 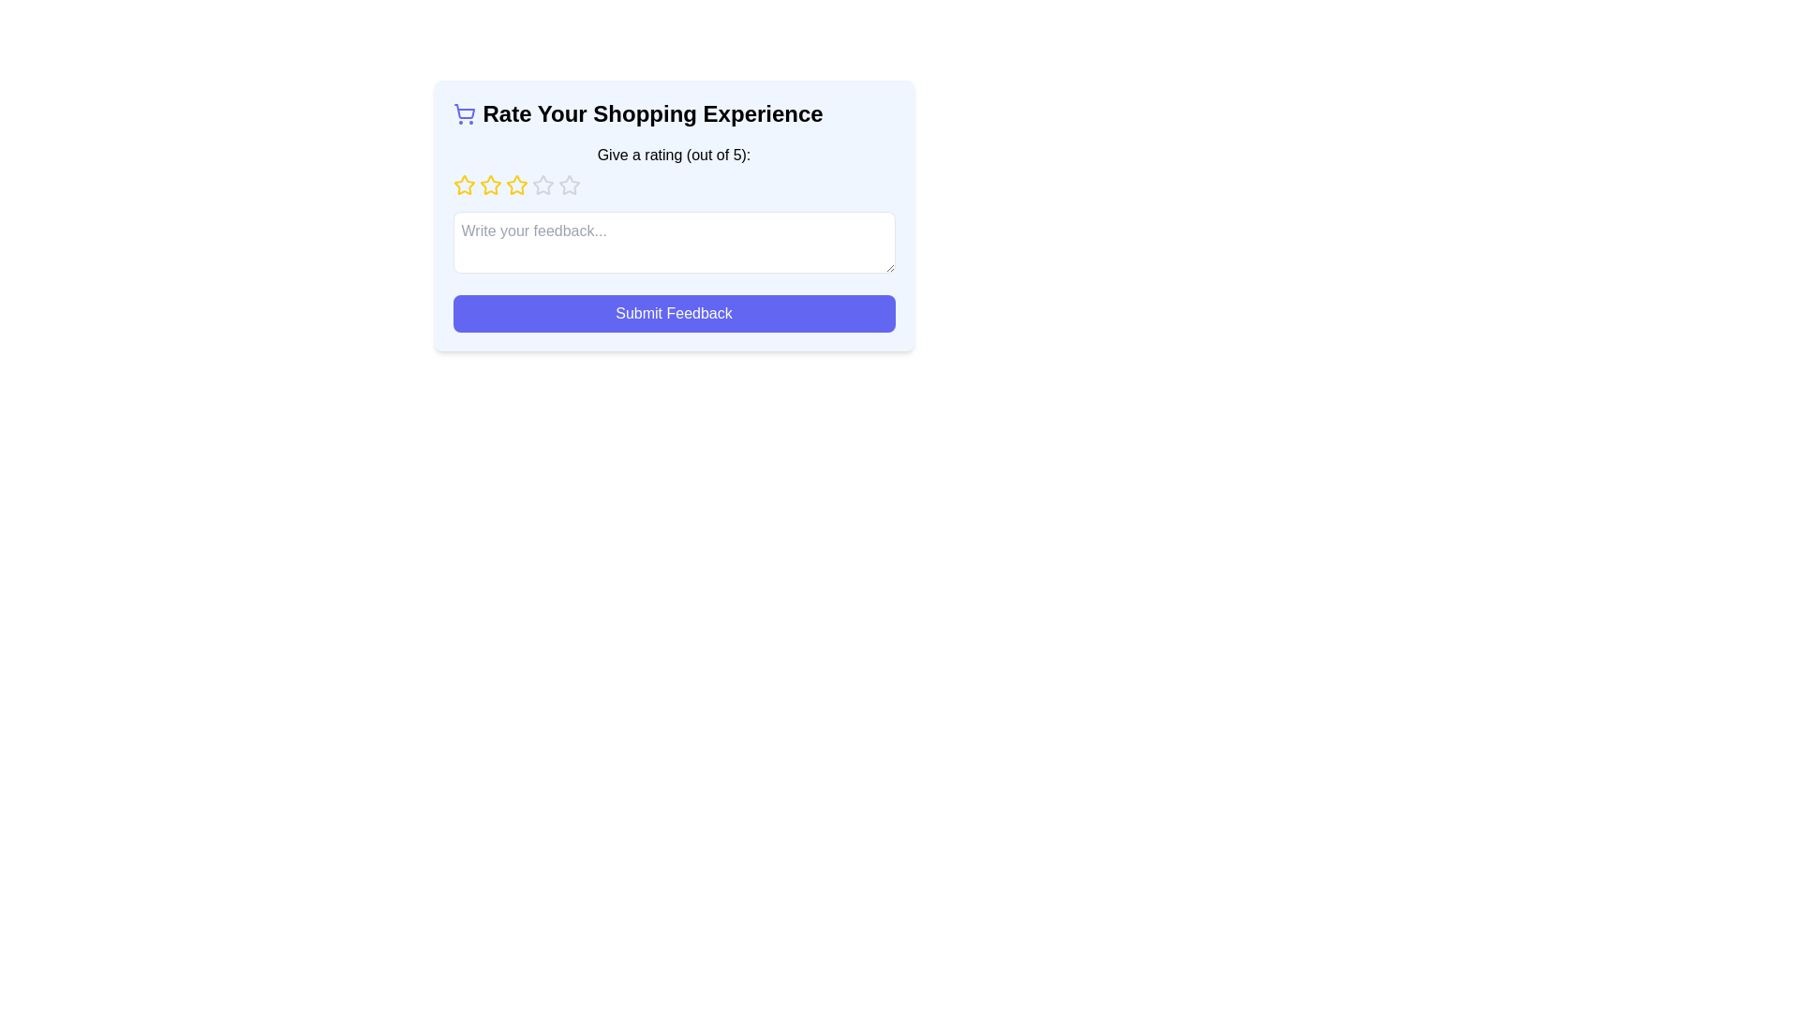 What do you see at coordinates (568, 185) in the screenshot?
I see `the fourth star icon in the rating component` at bounding box center [568, 185].